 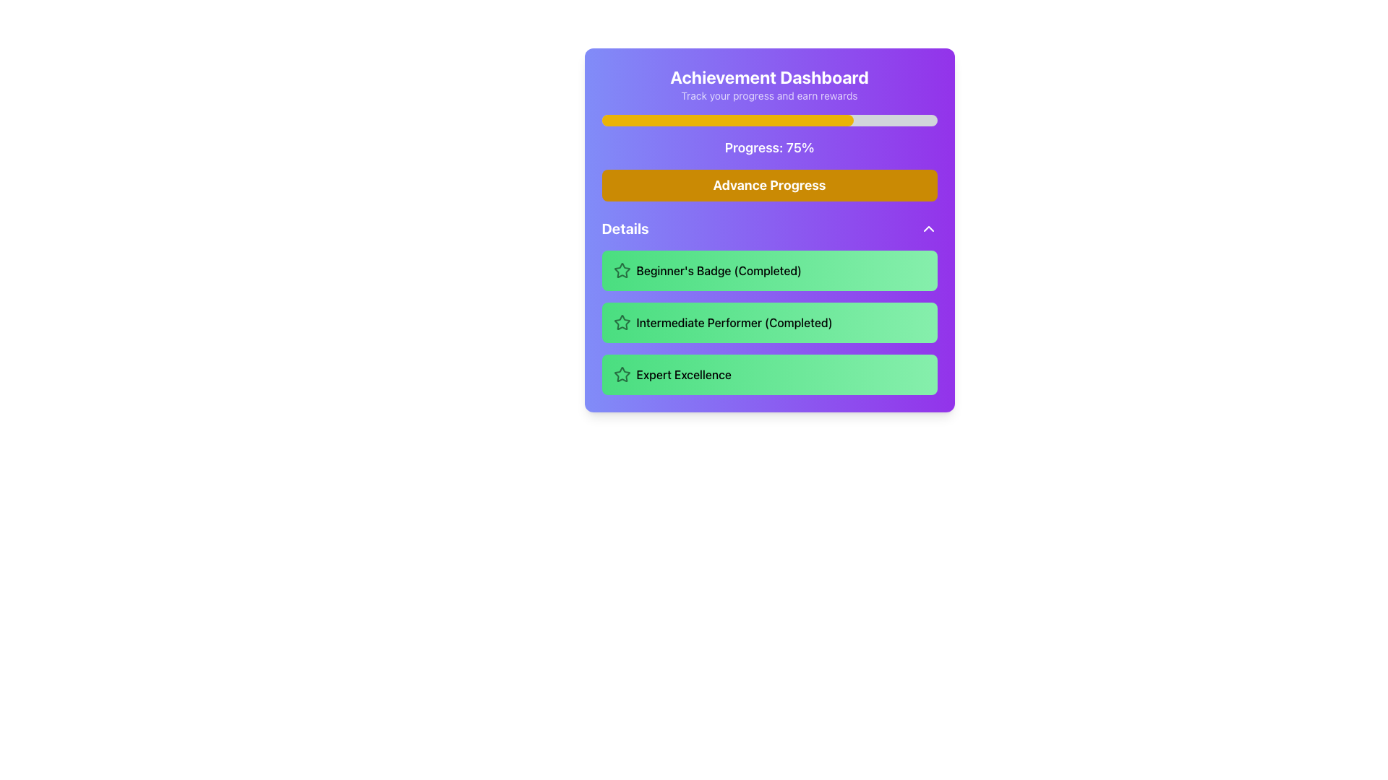 I want to click on the 'Intermediate Performer' badge icon in the achievement dashboard, which is located within the second green box of a vertical list inside a purple card interface, so click(x=622, y=321).